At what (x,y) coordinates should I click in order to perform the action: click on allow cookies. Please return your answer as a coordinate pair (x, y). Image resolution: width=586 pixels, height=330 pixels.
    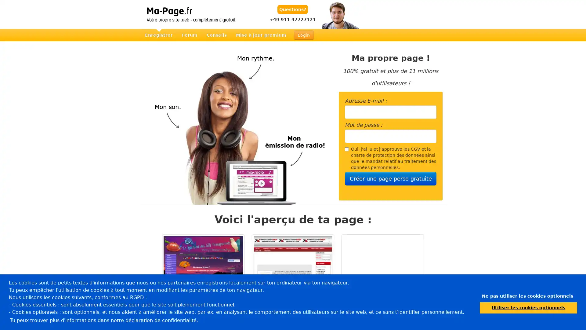
    Looking at the image, I should click on (528, 307).